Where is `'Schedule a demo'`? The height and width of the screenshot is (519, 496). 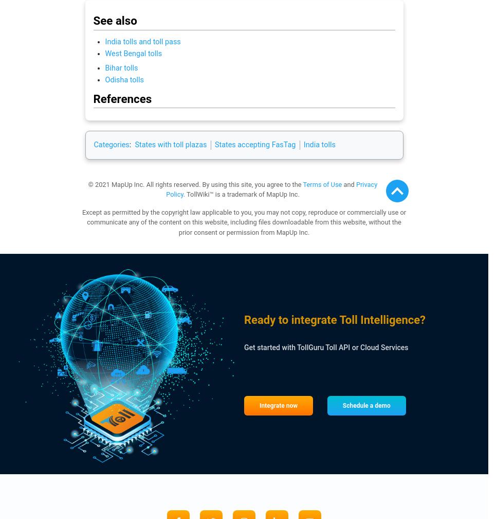
'Schedule a demo' is located at coordinates (366, 405).